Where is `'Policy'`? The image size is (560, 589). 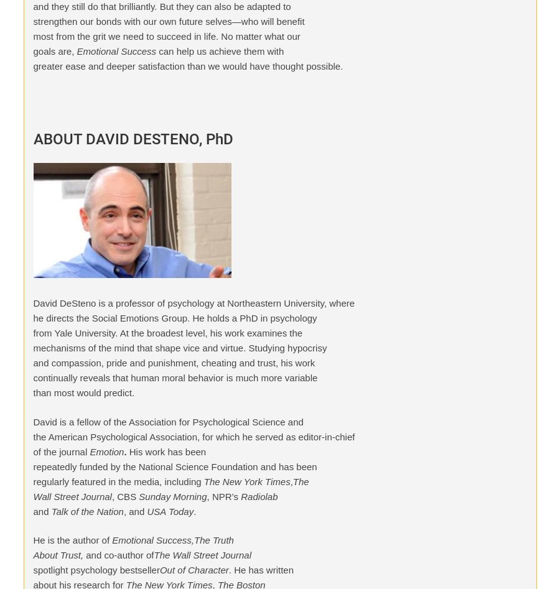
'Policy' is located at coordinates (220, 66).